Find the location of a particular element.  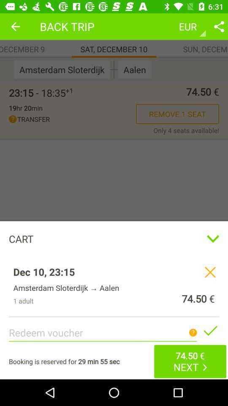

confirm the redeem voucher code is located at coordinates (209, 330).